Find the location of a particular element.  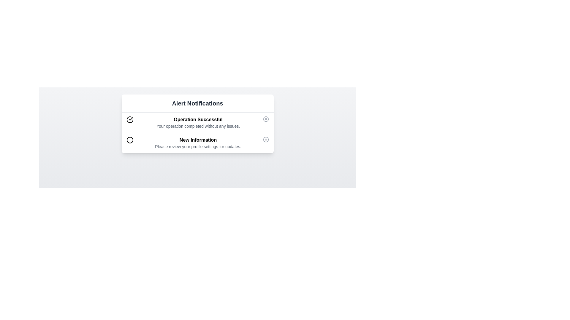

the SVG Circle element that represents the dismiss or close functionality of the 'Operation Successful' notification is located at coordinates (265, 119).